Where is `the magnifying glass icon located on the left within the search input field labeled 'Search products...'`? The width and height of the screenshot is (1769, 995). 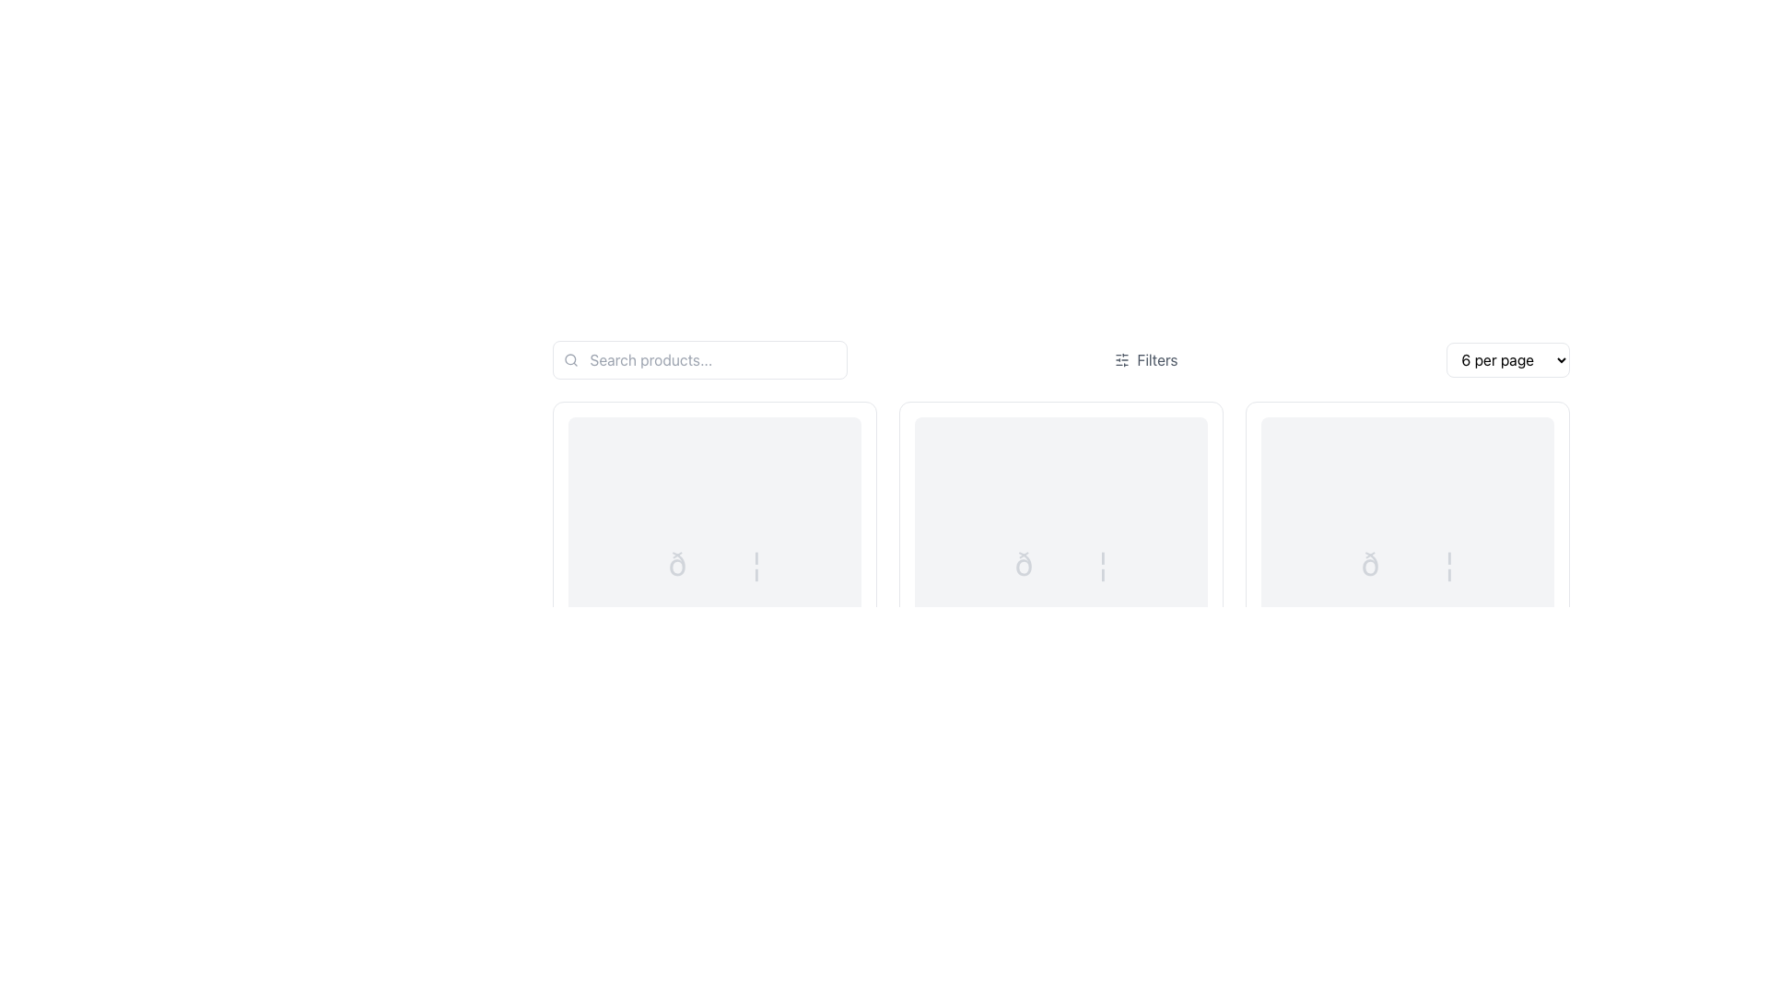 the magnifying glass icon located on the left within the search input field labeled 'Search products...' is located at coordinates (569, 359).